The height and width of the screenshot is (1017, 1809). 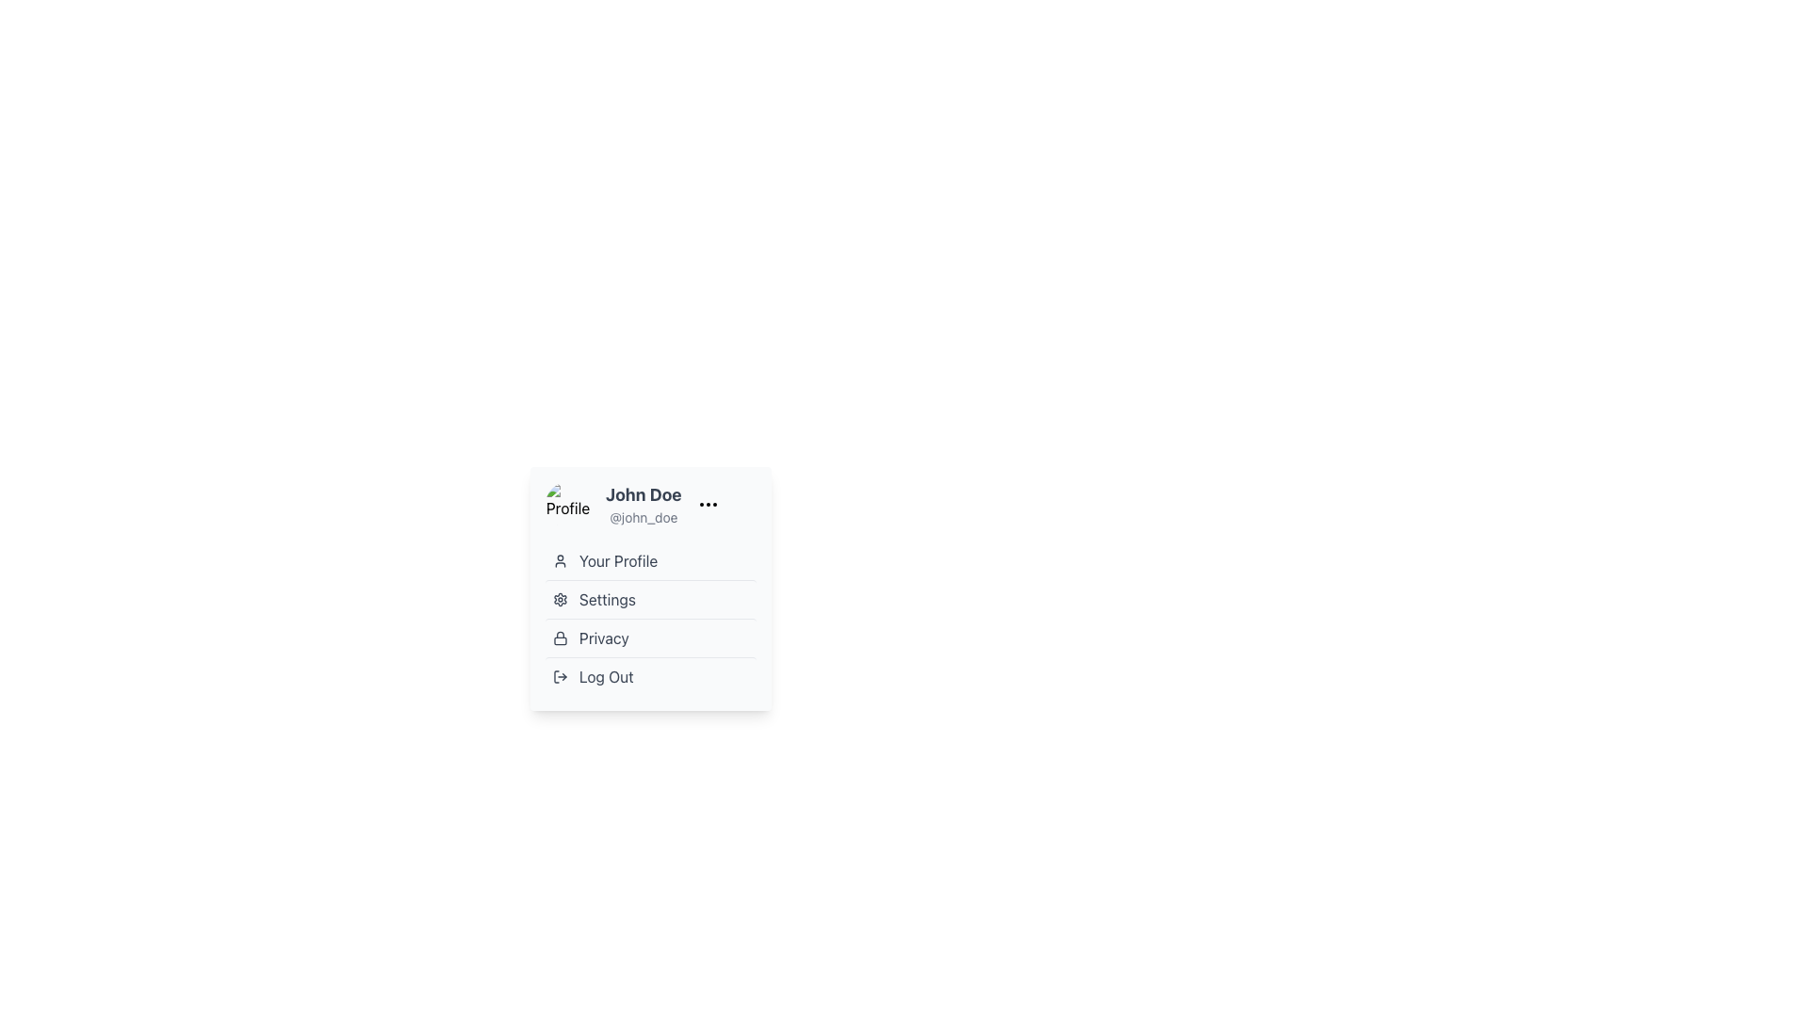 I want to click on the privacy settings list item, so click(x=651, y=637).